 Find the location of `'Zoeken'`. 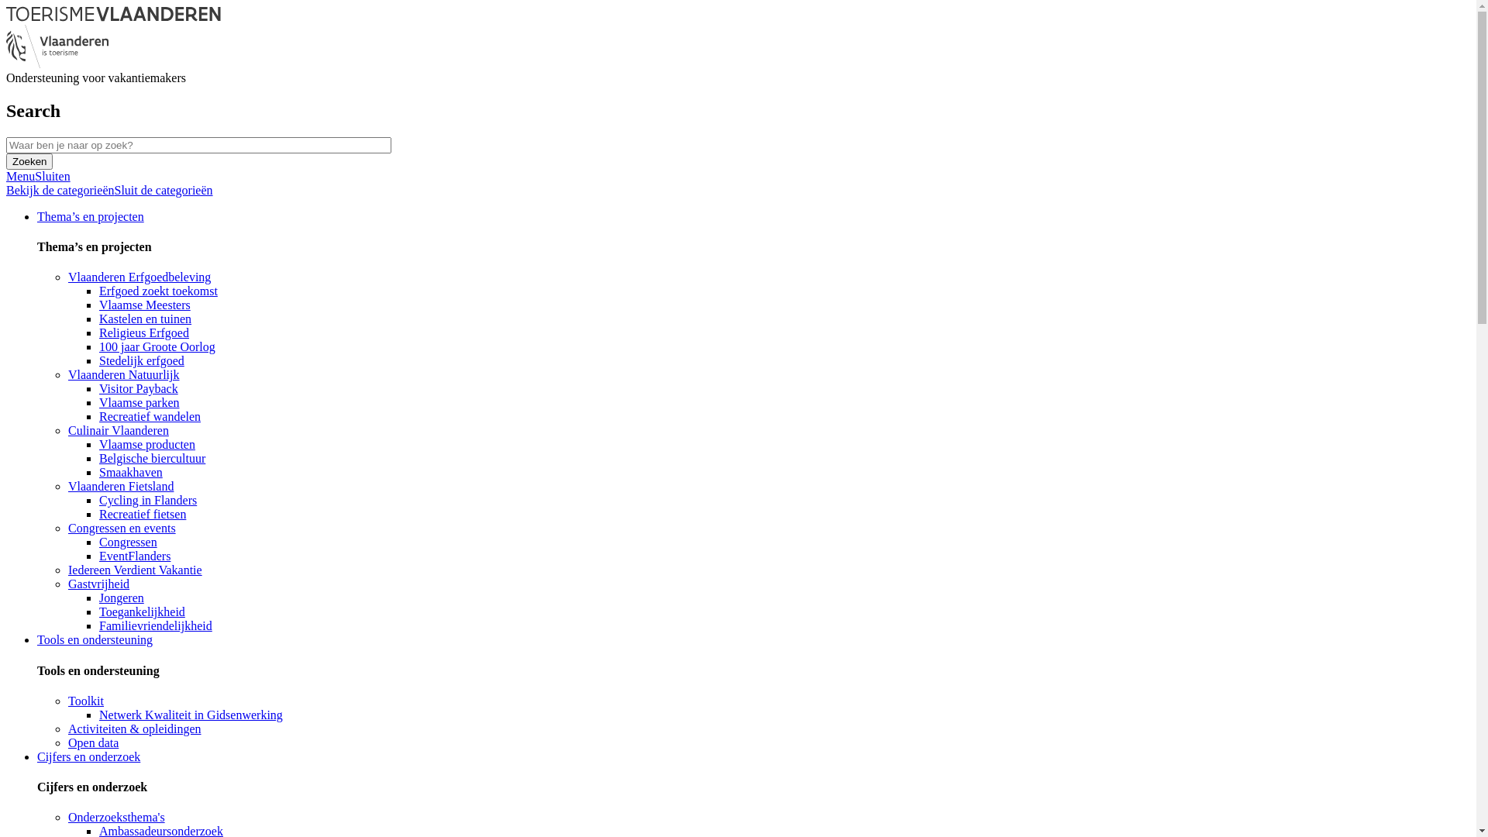

'Zoeken' is located at coordinates (29, 161).